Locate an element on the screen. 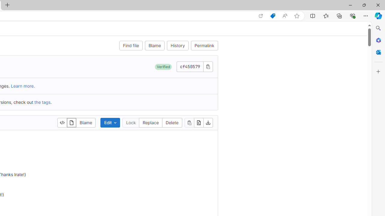  'the tags' is located at coordinates (42, 102).